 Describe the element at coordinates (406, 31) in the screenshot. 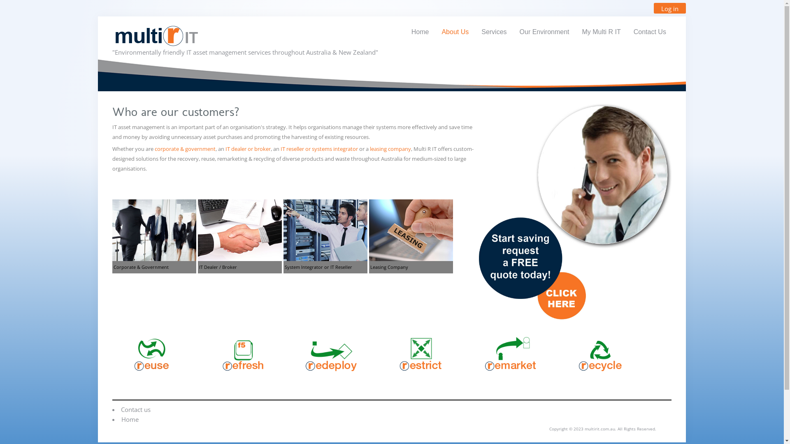

I see `'Home'` at that location.